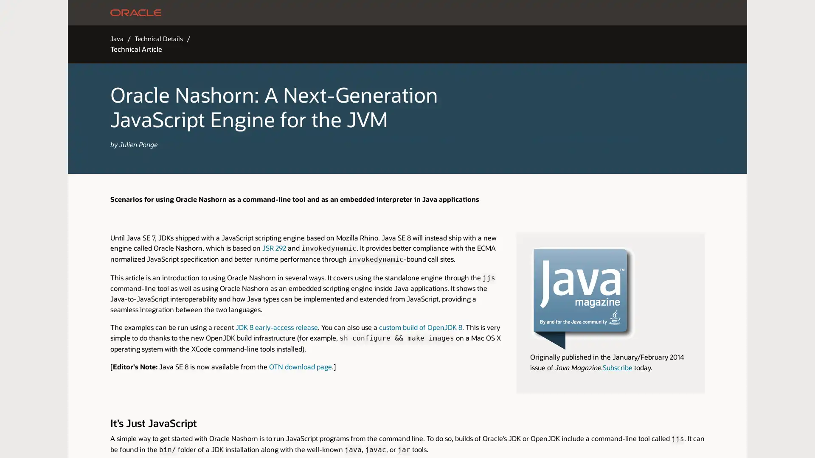 This screenshot has width=815, height=458. I want to click on Customers, so click(359, 12).